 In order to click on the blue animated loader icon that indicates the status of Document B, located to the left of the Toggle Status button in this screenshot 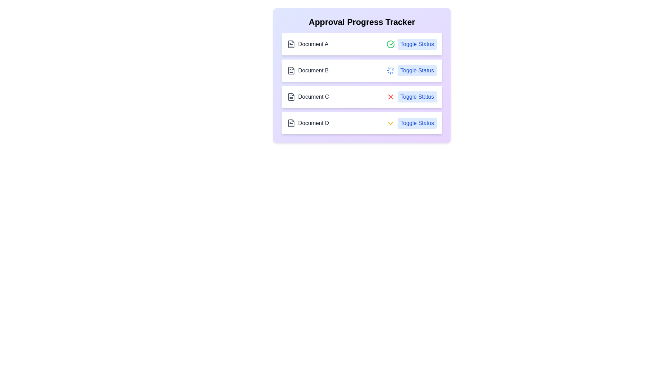, I will do `click(391, 71)`.